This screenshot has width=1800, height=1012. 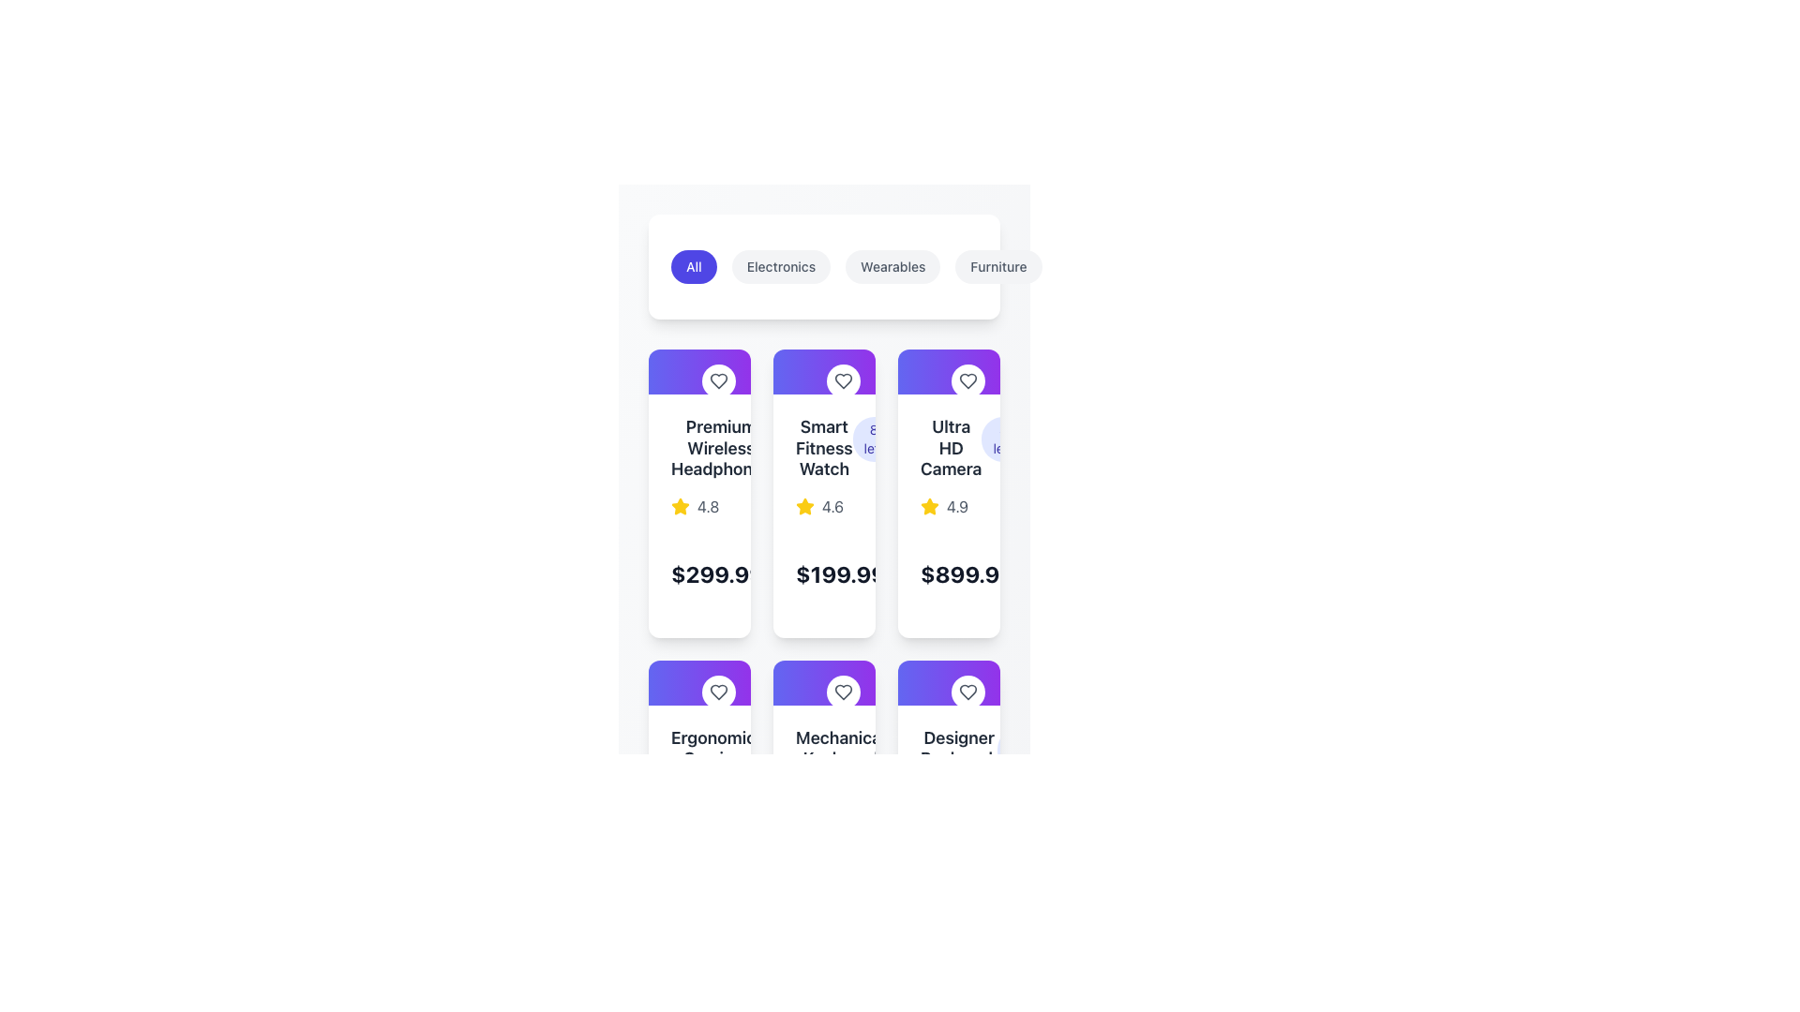 What do you see at coordinates (957, 506) in the screenshot?
I see `the text displaying the rating '4.9' next to the yellow star icon in the product card for the 'Ultra HD Camera'` at bounding box center [957, 506].